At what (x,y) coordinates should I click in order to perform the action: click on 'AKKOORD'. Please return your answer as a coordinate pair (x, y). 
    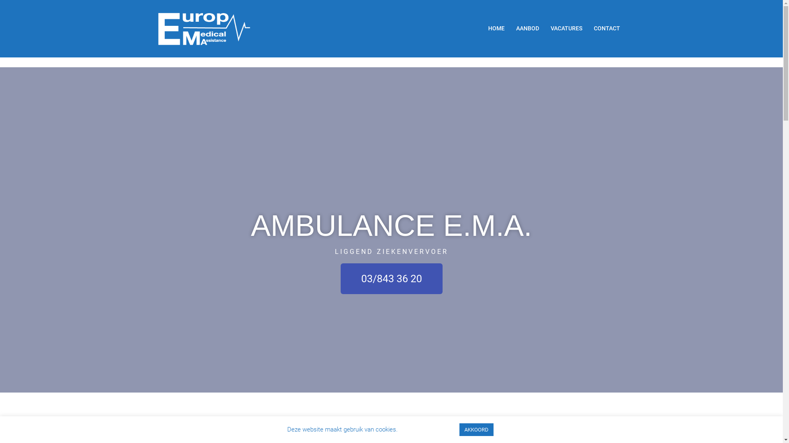
    Looking at the image, I should click on (476, 429).